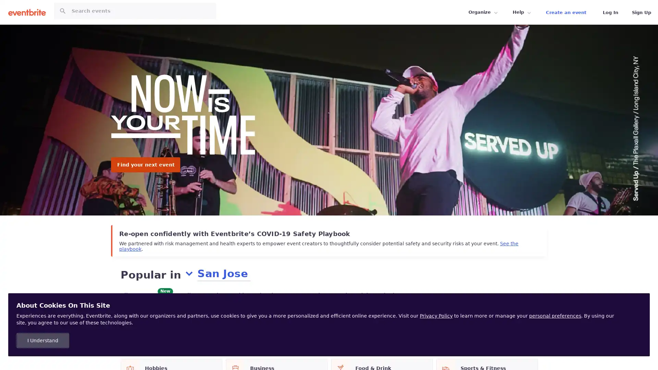  What do you see at coordinates (154, 294) in the screenshot?
I see `For you New` at bounding box center [154, 294].